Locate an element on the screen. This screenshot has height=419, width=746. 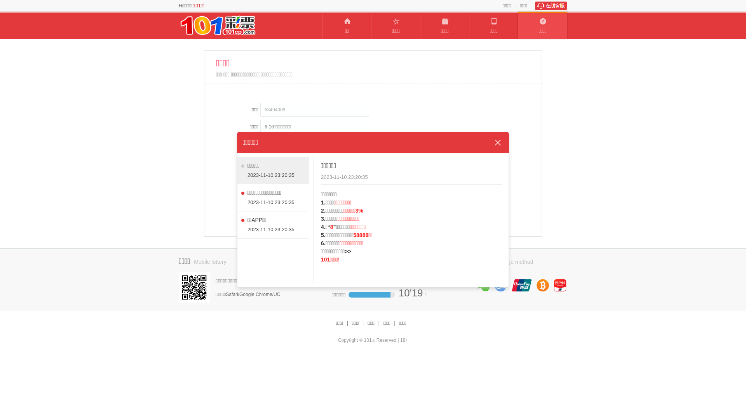
'|' is located at coordinates (347, 323).